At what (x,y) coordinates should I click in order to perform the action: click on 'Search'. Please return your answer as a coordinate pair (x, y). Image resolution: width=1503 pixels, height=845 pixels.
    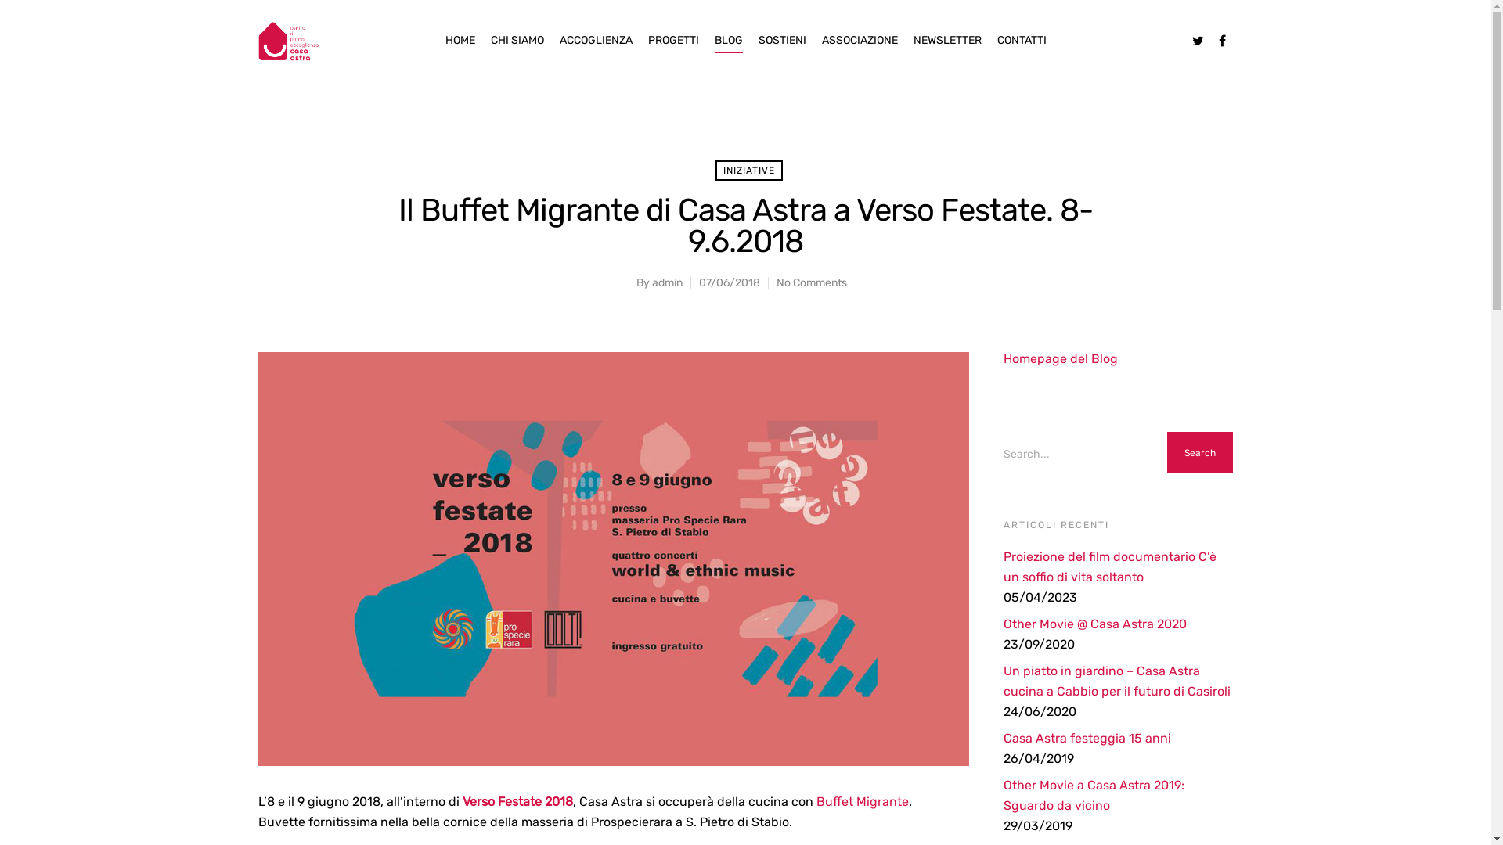
    Looking at the image, I should click on (1198, 452).